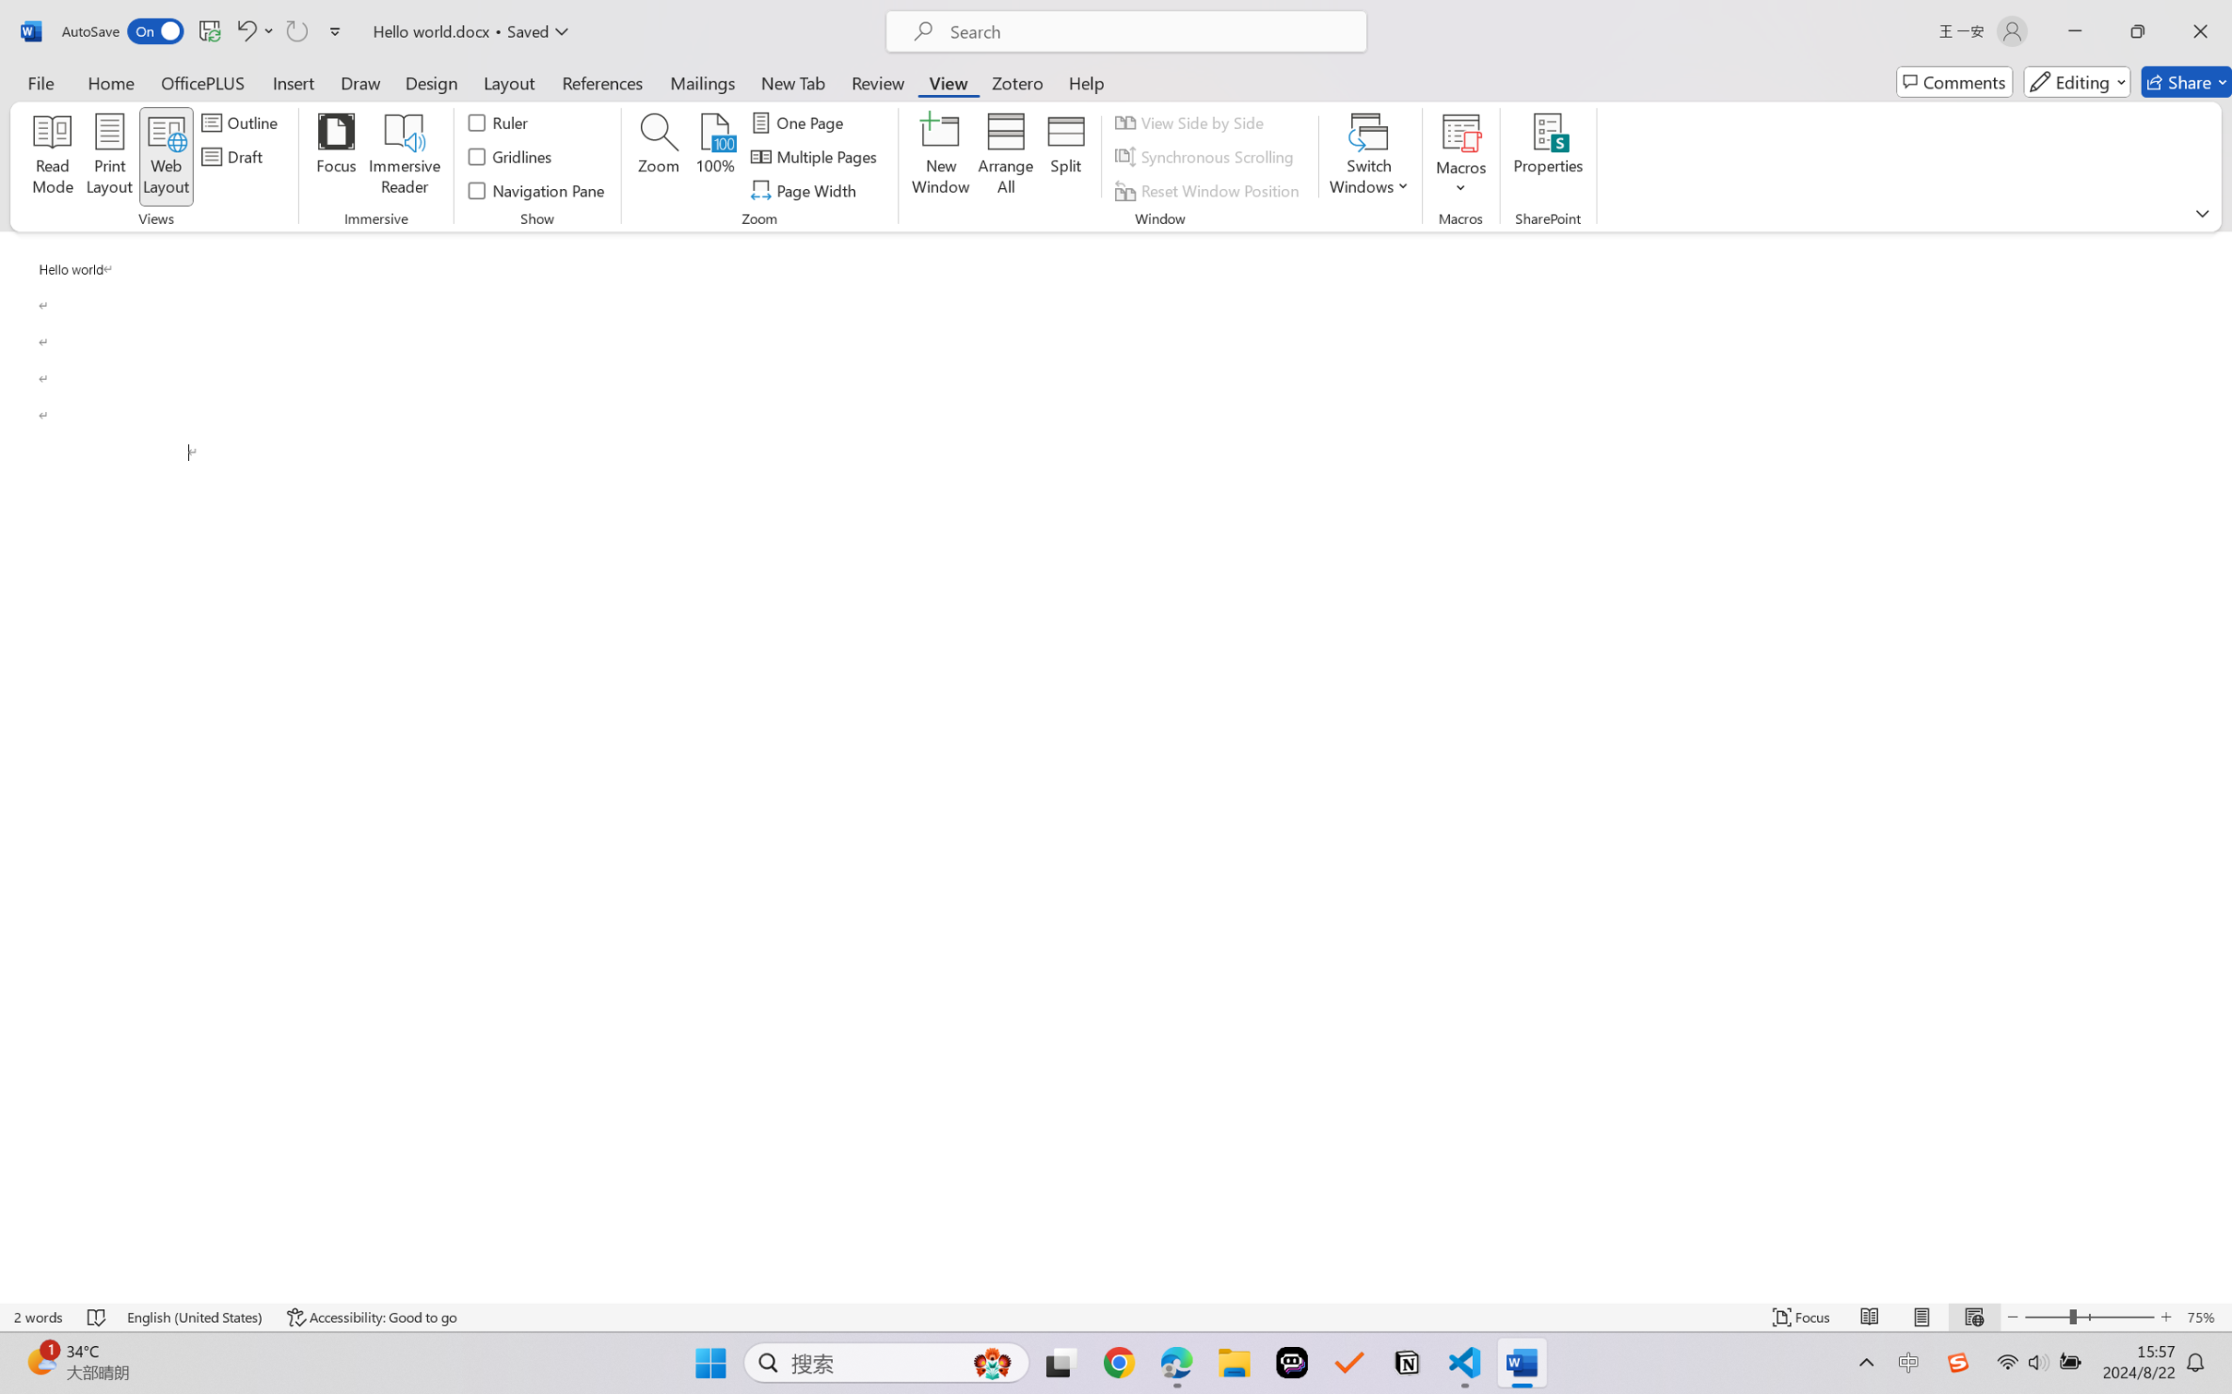 The image size is (2232, 1394). I want to click on 'Help', so click(1086, 81).